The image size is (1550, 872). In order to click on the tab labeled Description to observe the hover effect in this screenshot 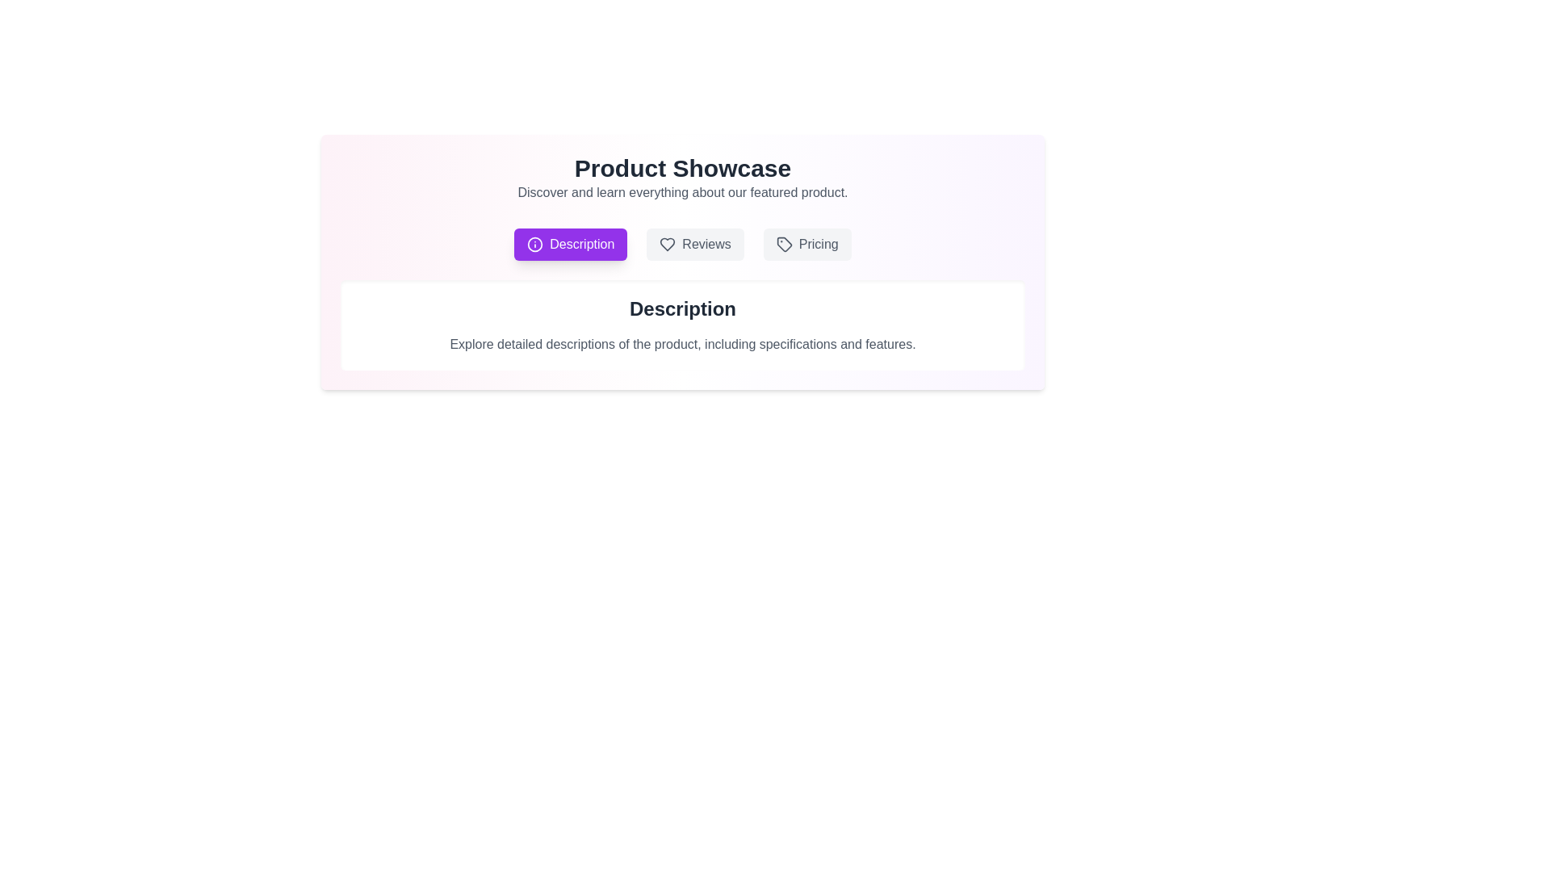, I will do `click(571, 245)`.